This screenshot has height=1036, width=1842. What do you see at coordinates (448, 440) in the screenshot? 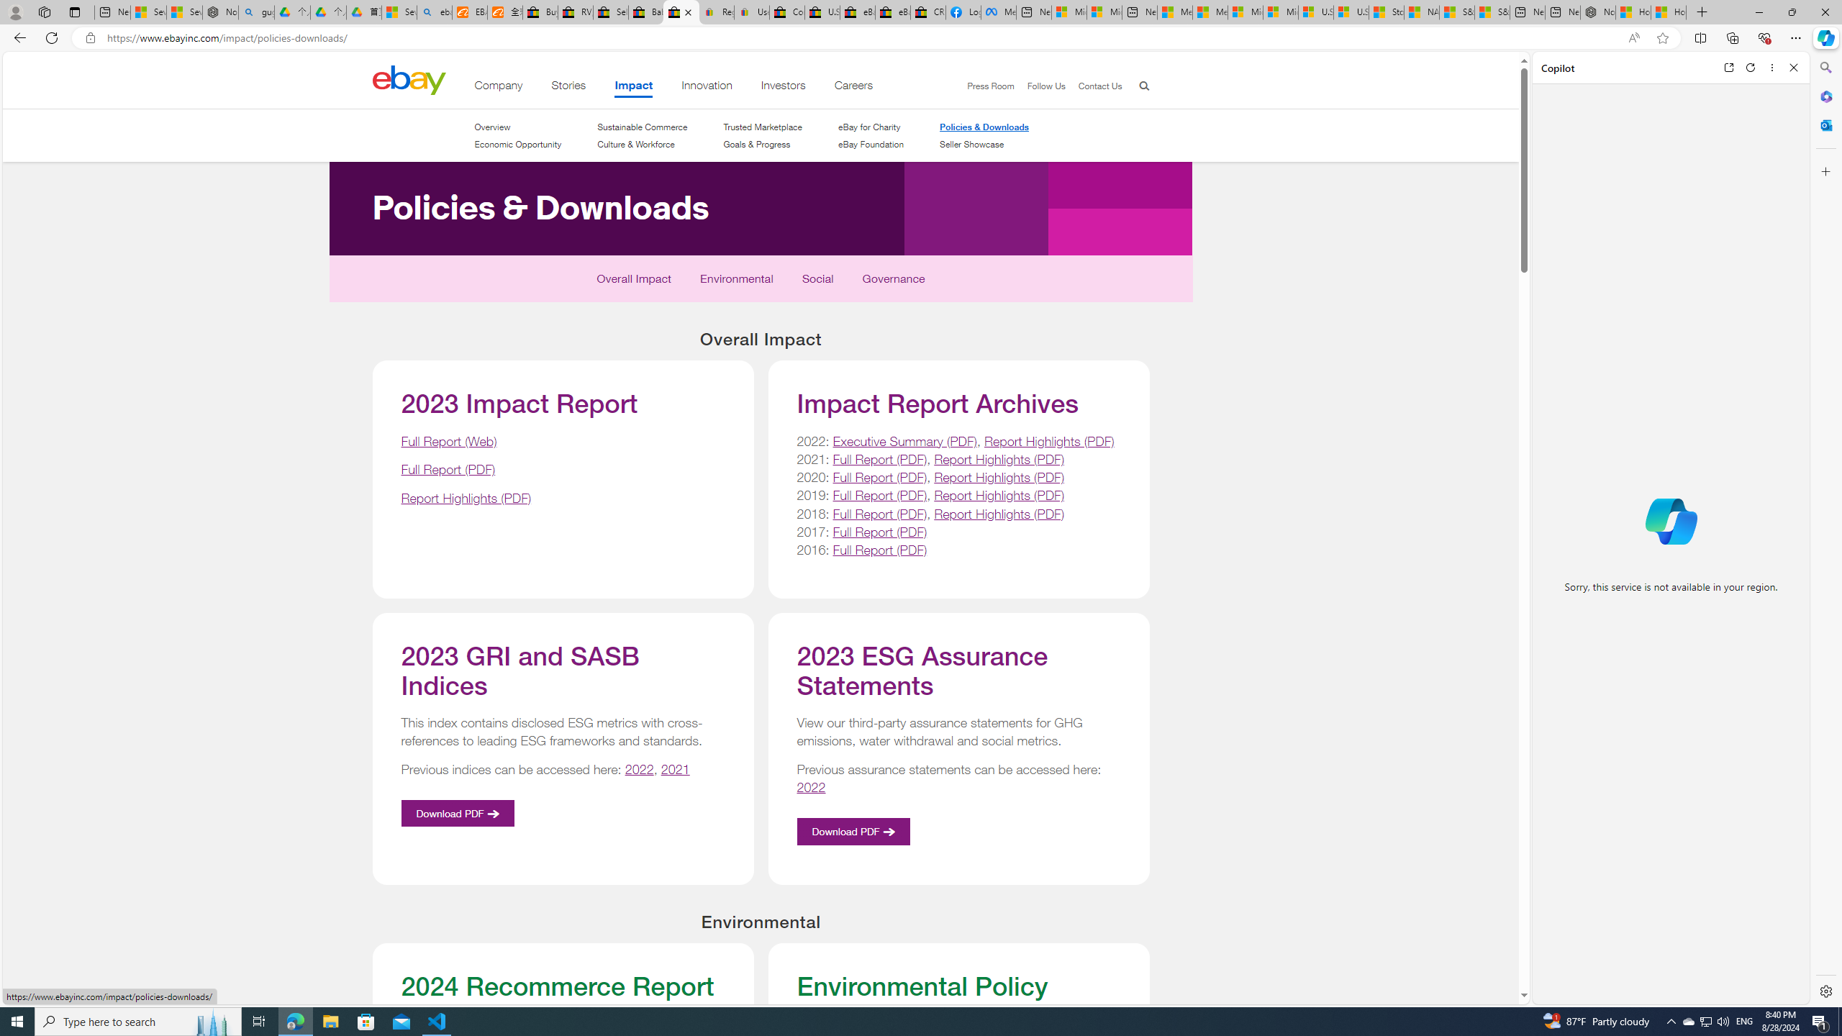
I see `'Full Report (Web)'` at bounding box center [448, 440].